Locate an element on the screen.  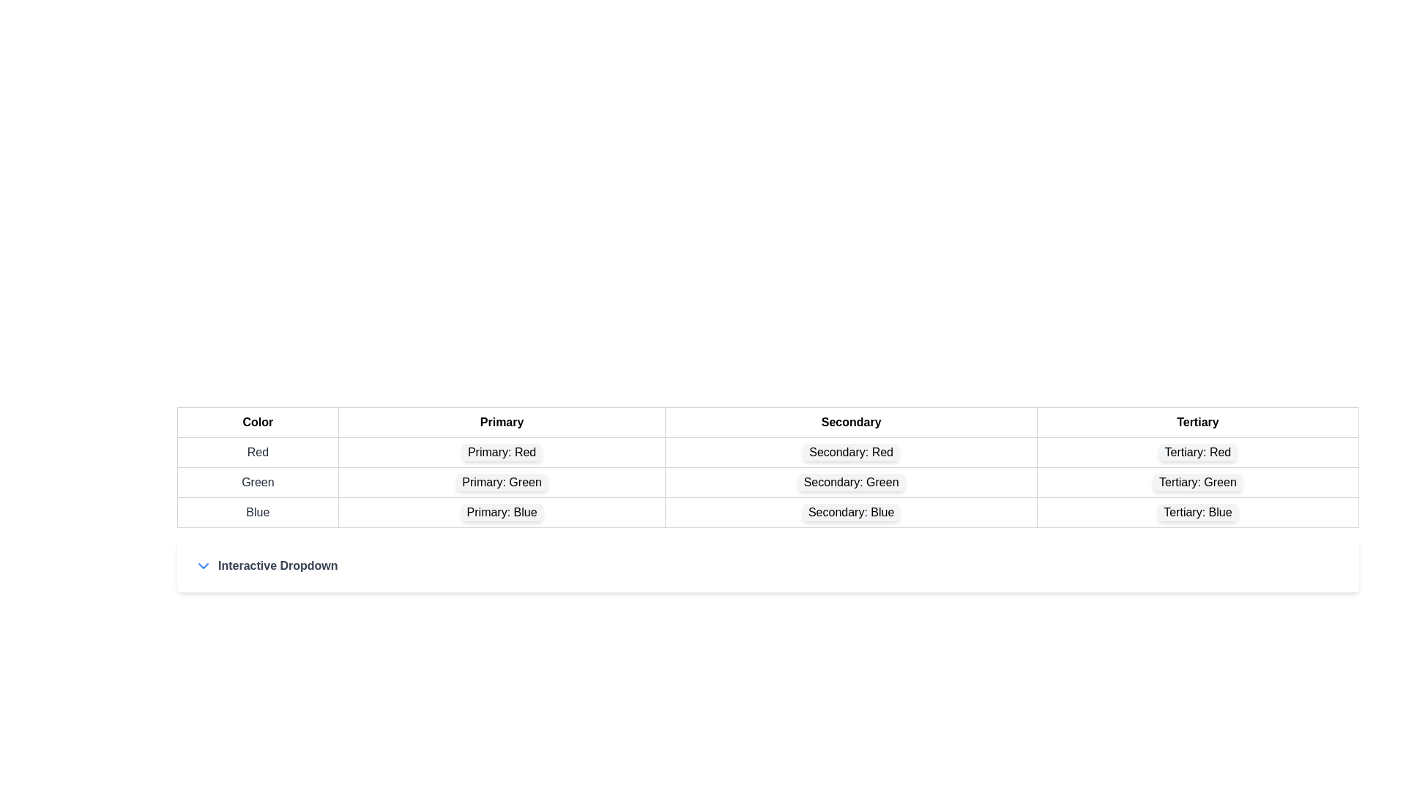
the label displaying 'Tertiary: Green' which is styled with a light gray background and located in the third row of the 'Tertiary' column of the table is located at coordinates (1197, 483).